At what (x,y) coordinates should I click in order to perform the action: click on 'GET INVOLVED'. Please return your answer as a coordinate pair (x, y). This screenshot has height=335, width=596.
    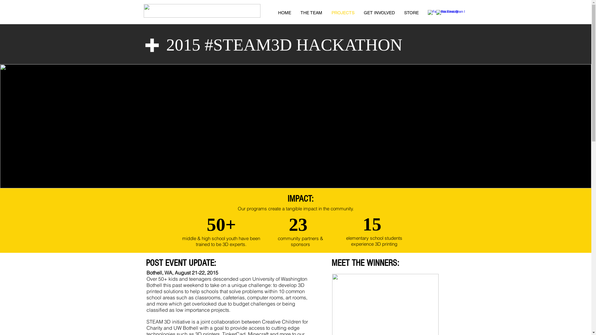
    Looking at the image, I should click on (378, 13).